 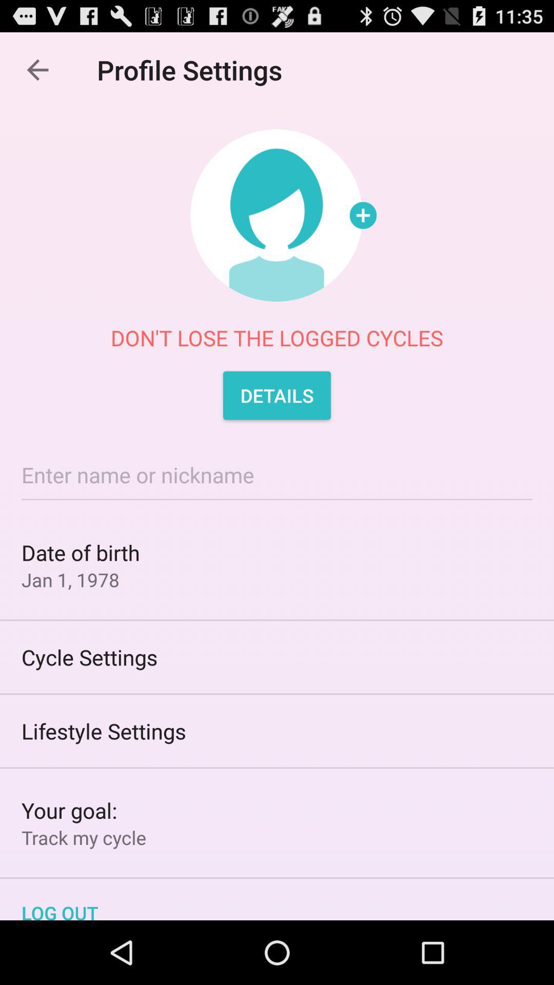 I want to click on the profile settings item, so click(x=195, y=69).